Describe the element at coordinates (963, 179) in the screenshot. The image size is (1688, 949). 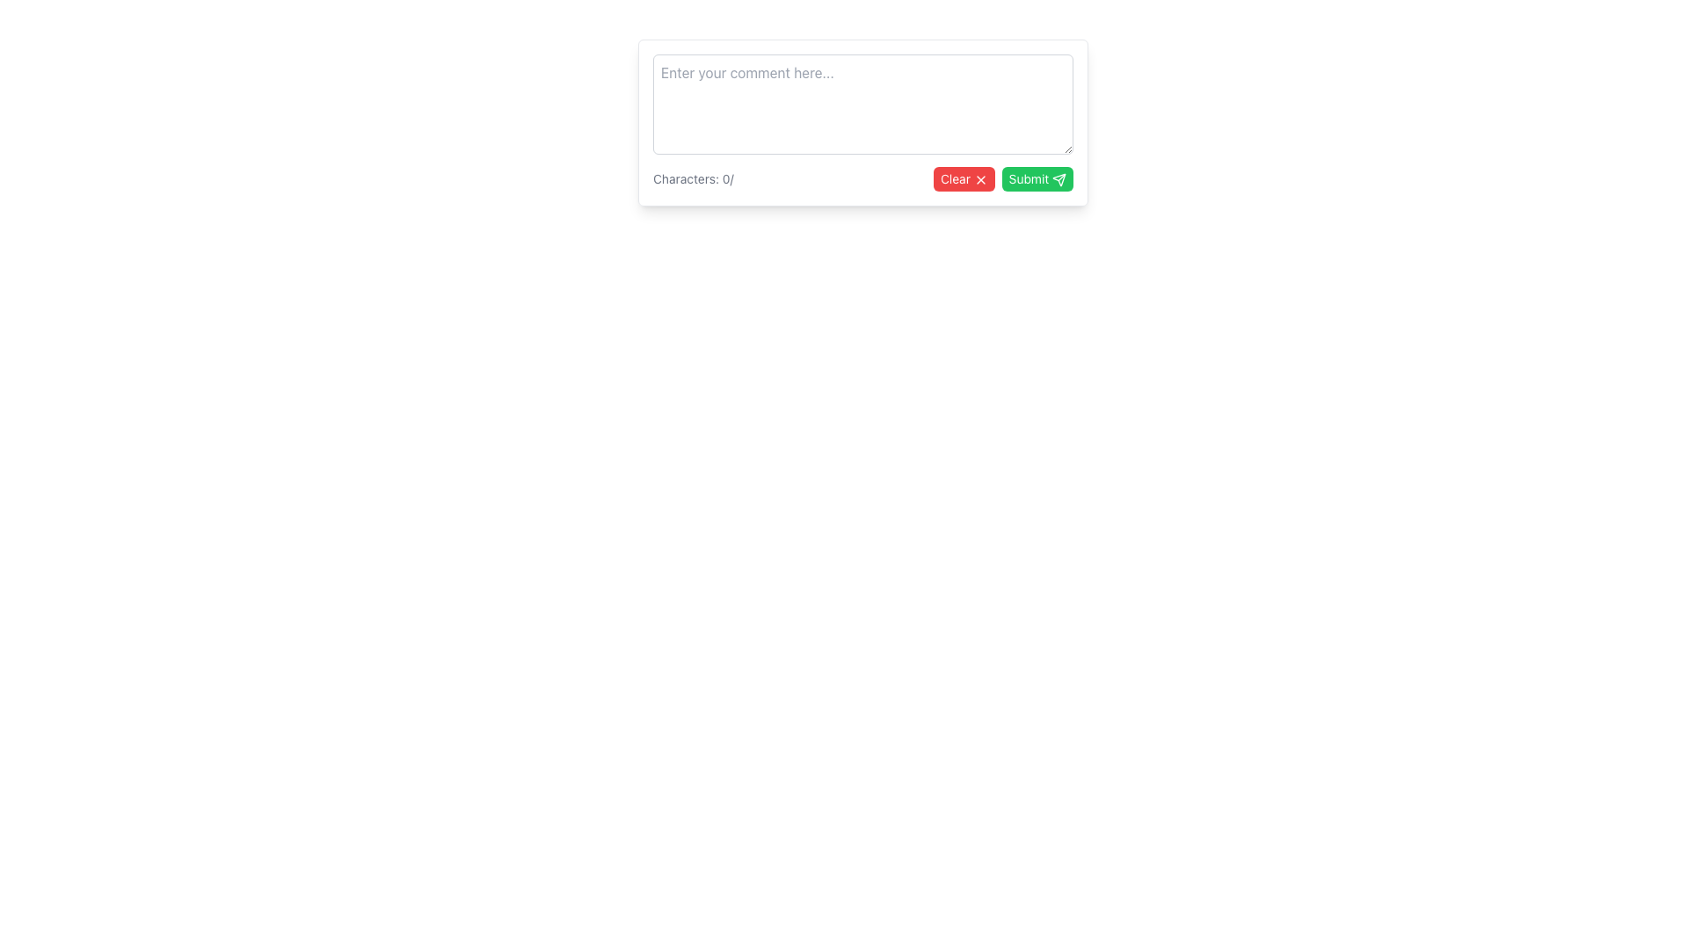
I see `the 'Clear' button with a red background and white text labeled 'Clear' to clear content` at that location.